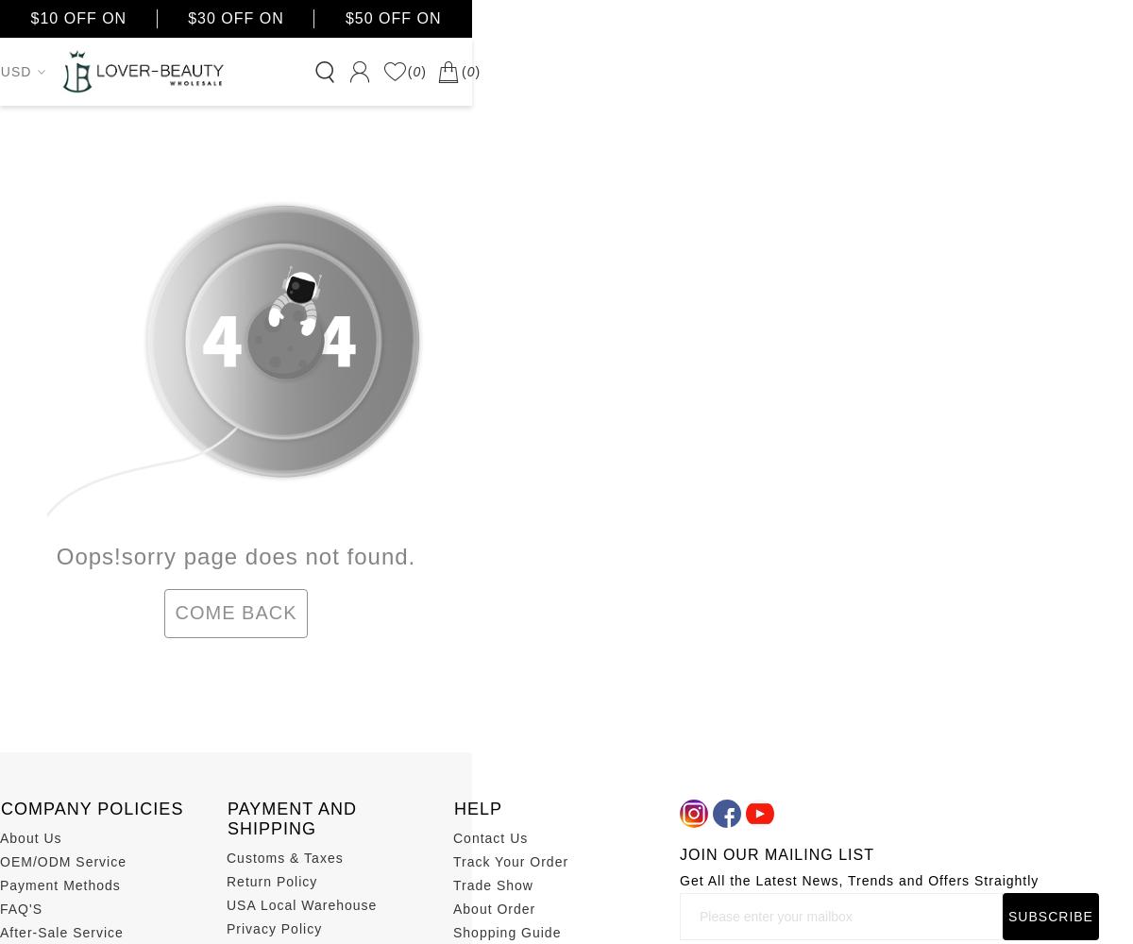  Describe the element at coordinates (271, 881) in the screenshot. I see `'Return Policy'` at that location.